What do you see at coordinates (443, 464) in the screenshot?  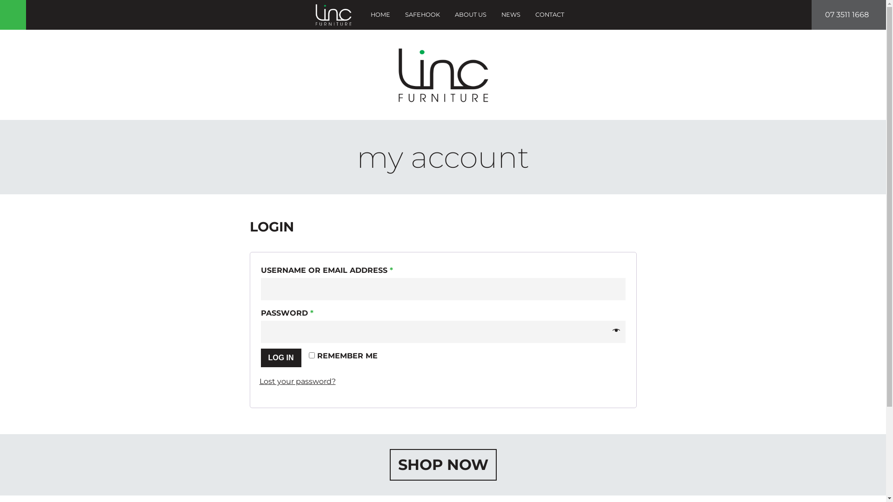 I see `'SHOP NOW'` at bounding box center [443, 464].